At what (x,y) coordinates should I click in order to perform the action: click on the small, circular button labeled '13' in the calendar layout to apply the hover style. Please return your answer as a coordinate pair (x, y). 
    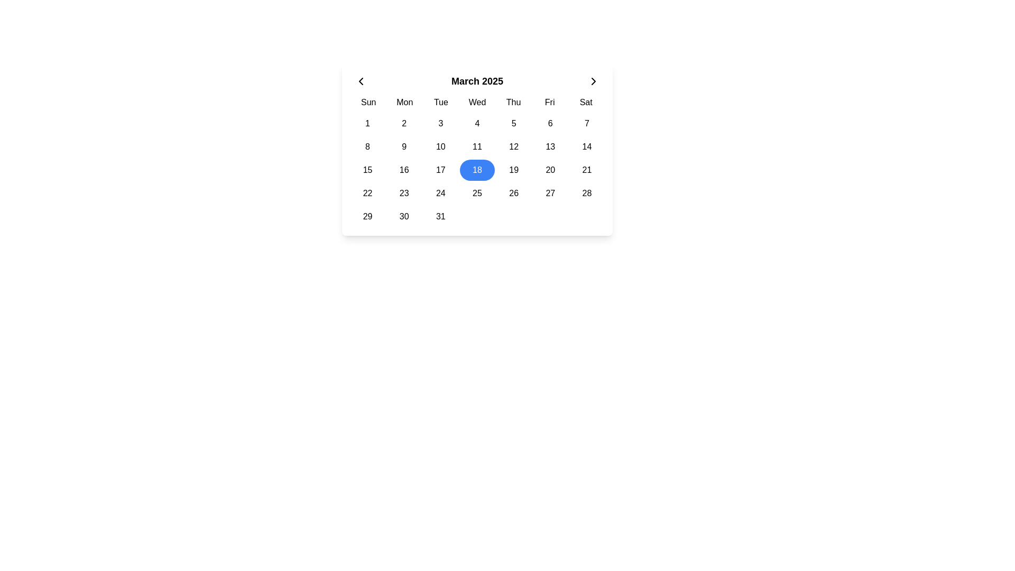
    Looking at the image, I should click on (550, 146).